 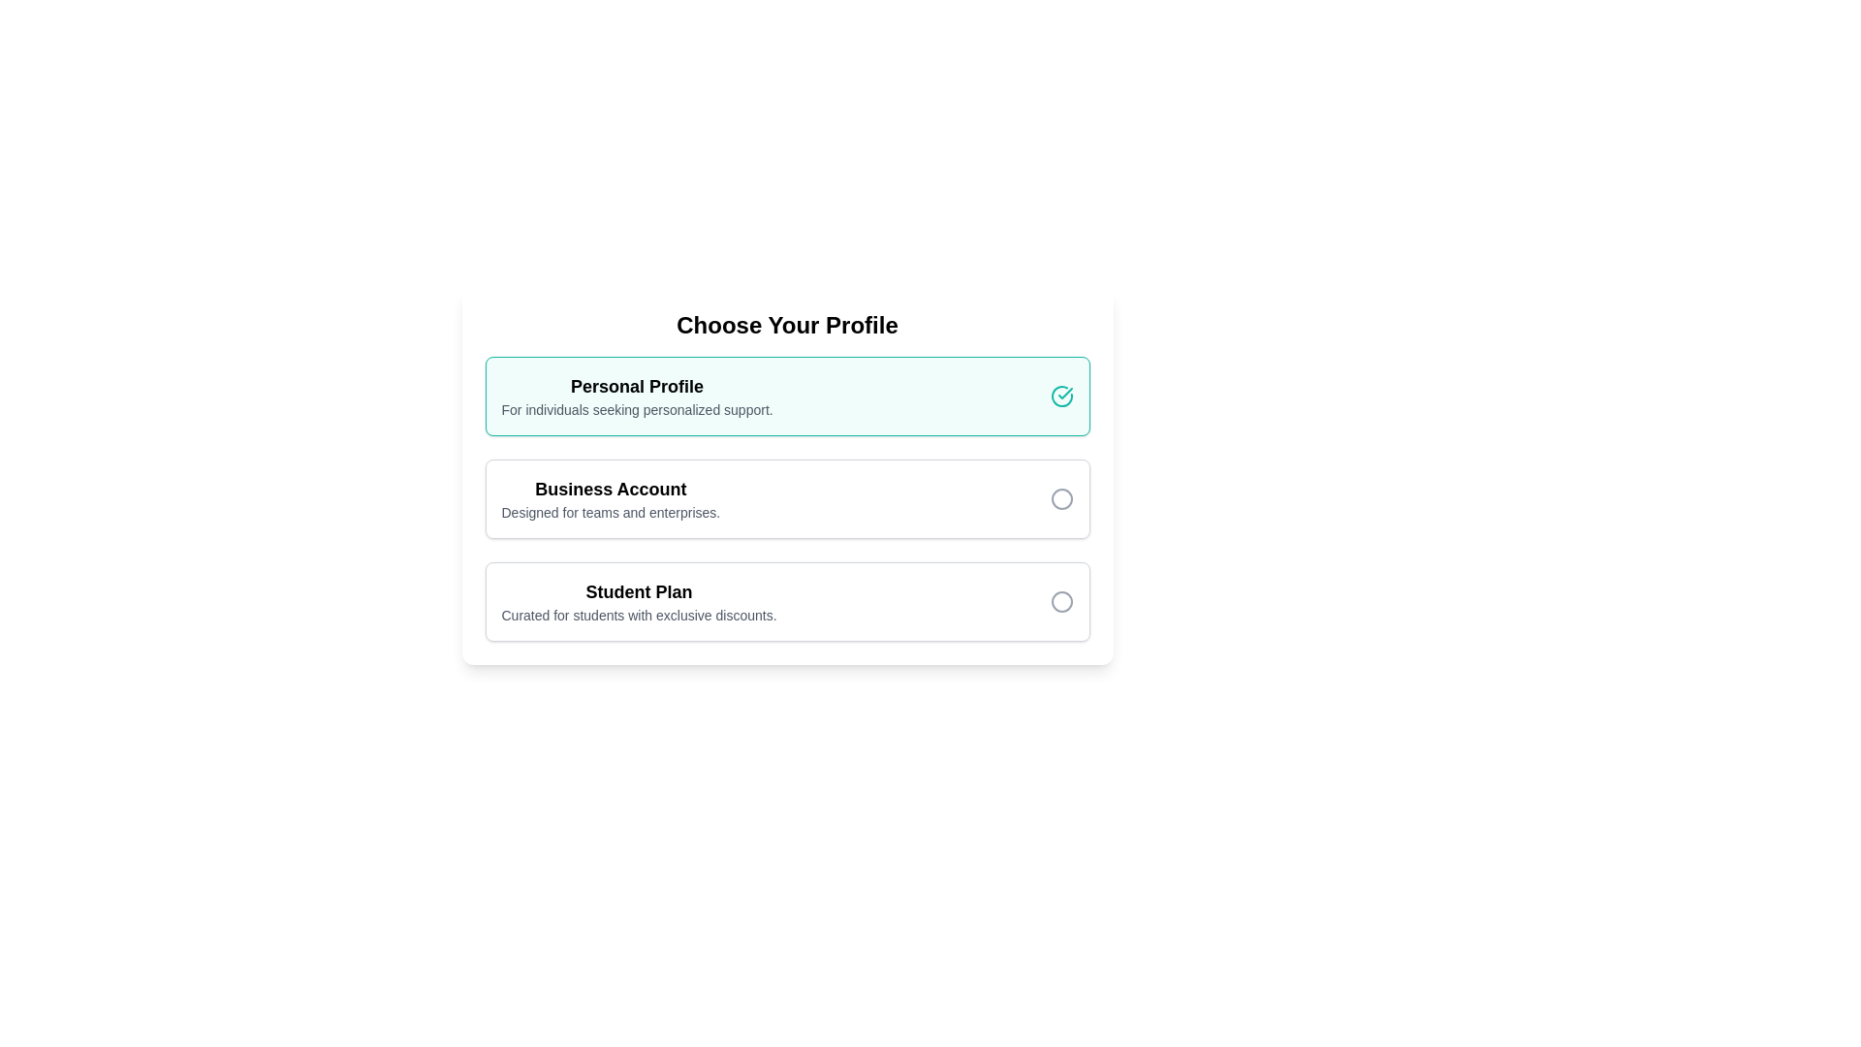 What do you see at coordinates (1064, 393) in the screenshot?
I see `the teal checkmark icon within the circular outline that indicates the selection of the 'Personal Profile' option, located at the top of the options list under the 'Choose Your Profile' heading` at bounding box center [1064, 393].